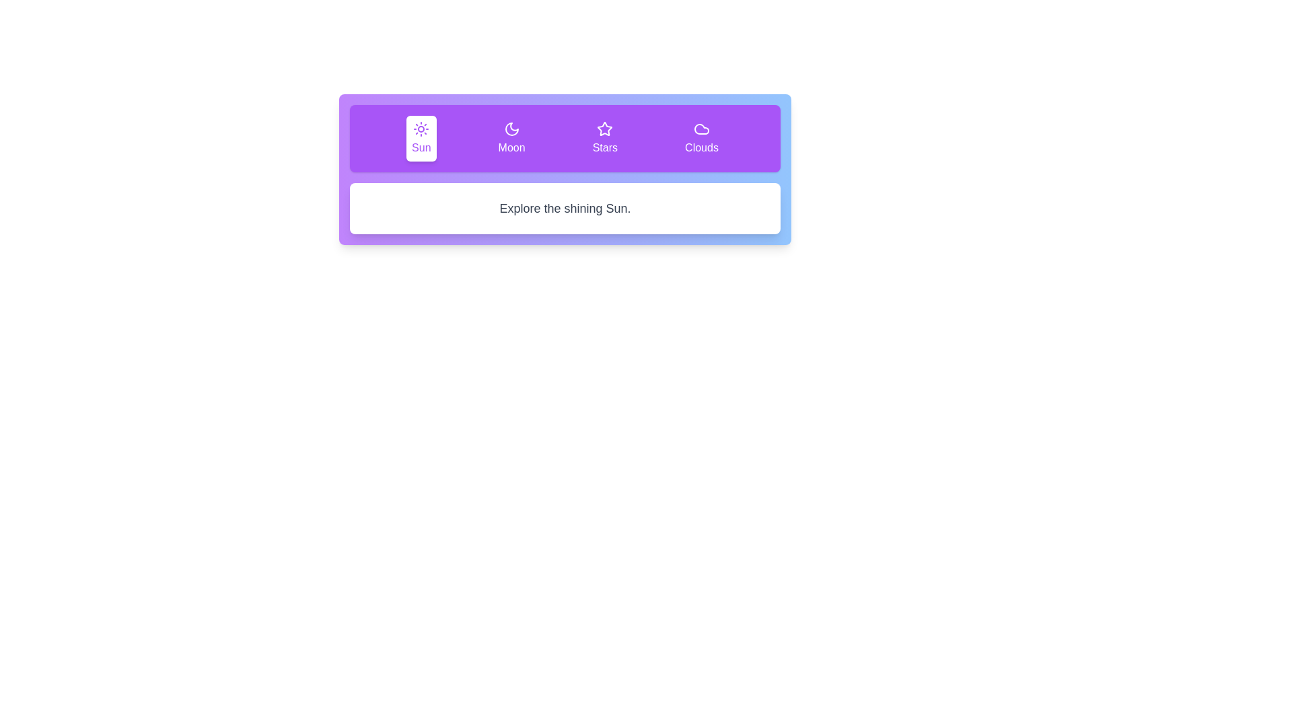 This screenshot has height=727, width=1292. I want to click on text from the label displaying 'Moon' in white color, located in the purple menu bar below the crescent moon icon, so click(511, 147).